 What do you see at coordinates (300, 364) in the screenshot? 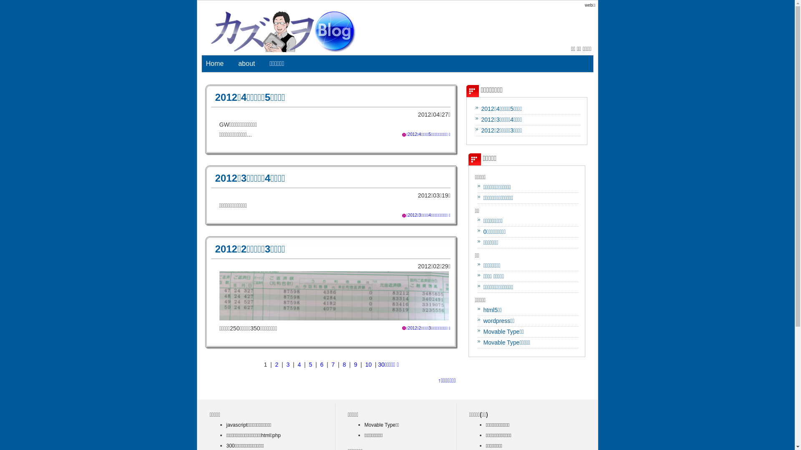
I see `' 4 '` at bounding box center [300, 364].